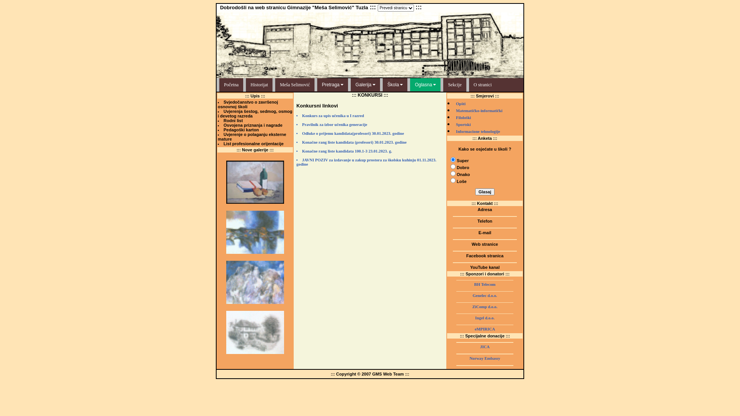  I want to click on 'JICA', so click(484, 347).